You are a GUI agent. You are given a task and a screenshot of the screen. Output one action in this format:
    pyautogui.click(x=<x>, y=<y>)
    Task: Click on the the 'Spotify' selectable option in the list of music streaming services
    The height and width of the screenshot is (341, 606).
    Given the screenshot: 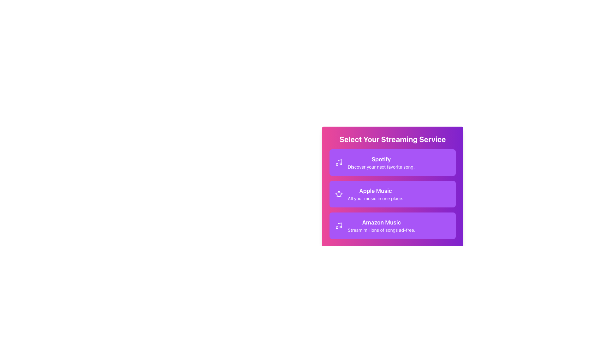 What is the action you would take?
    pyautogui.click(x=381, y=162)
    